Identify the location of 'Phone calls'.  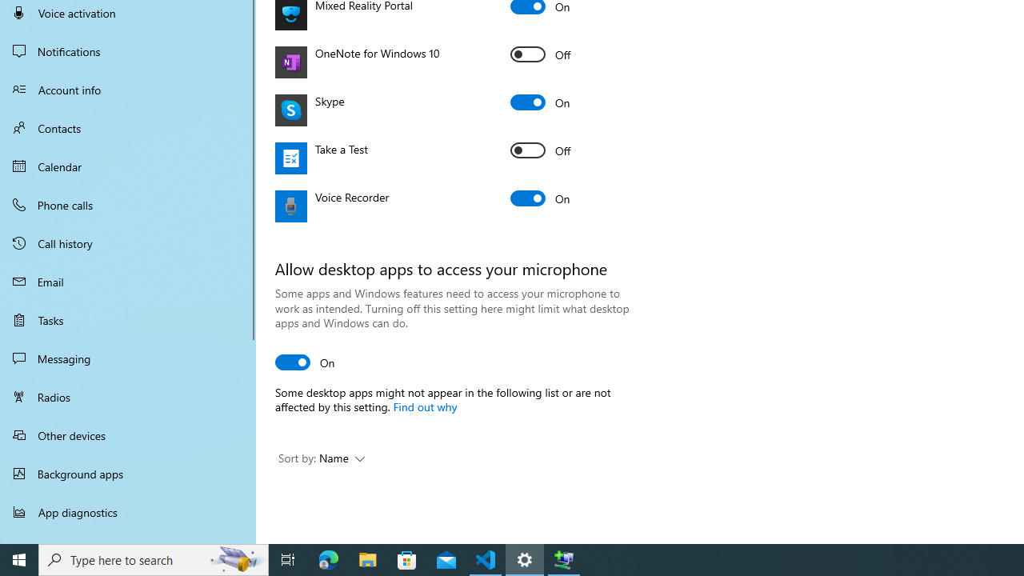
(128, 203).